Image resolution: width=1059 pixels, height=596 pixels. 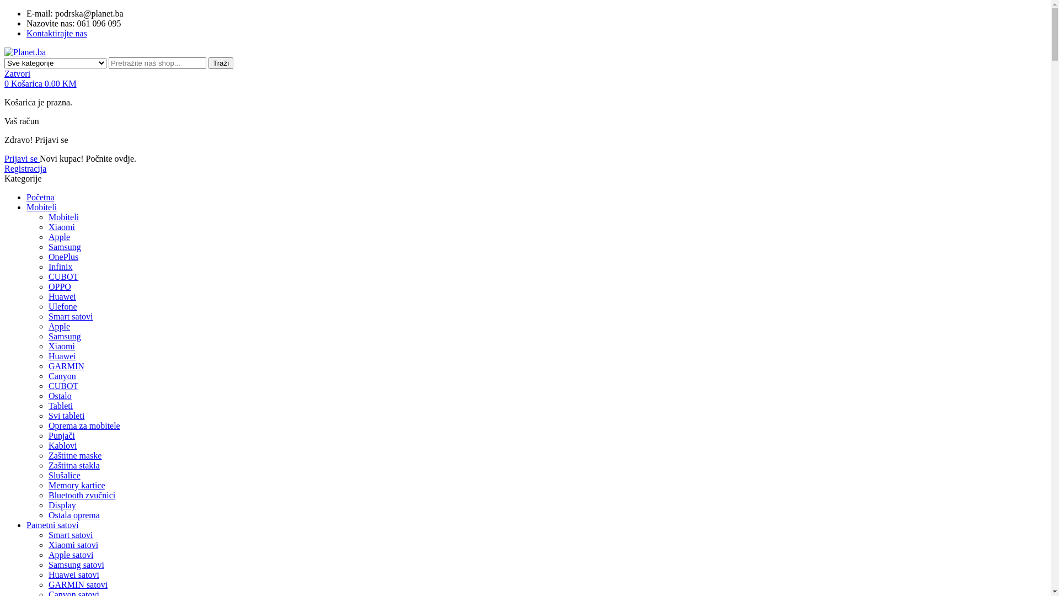 I want to click on 'Memory kartice', so click(x=47, y=485).